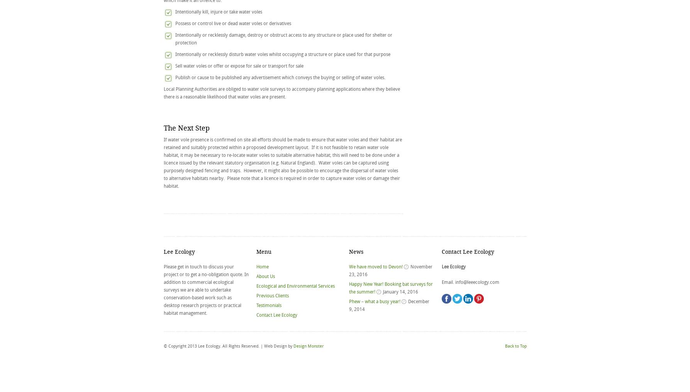 This screenshot has width=690, height=392. I want to click on 'Local Planning Authorities are obliged to water vole surveys to accompany planning applications where they believe there is a reasonable likelihood that water voles are present.', so click(281, 93).